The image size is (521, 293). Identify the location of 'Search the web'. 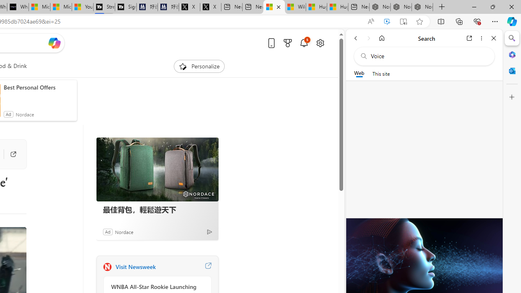
(428, 56).